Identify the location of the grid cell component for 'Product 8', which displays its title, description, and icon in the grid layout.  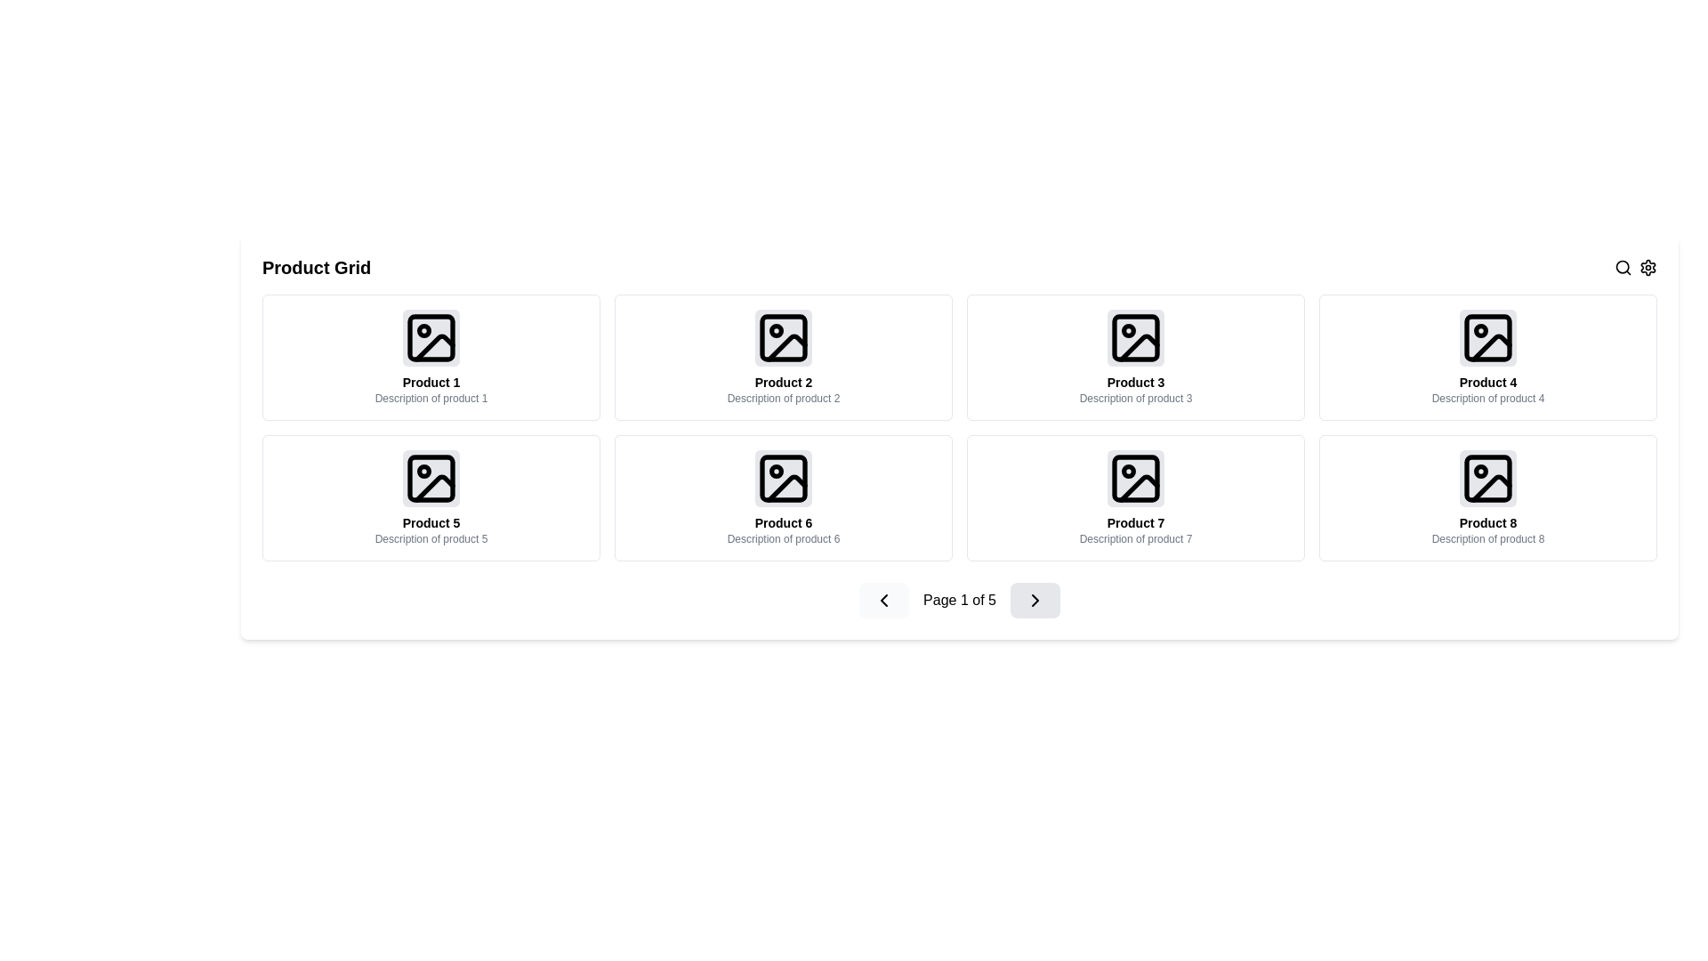
(1488, 497).